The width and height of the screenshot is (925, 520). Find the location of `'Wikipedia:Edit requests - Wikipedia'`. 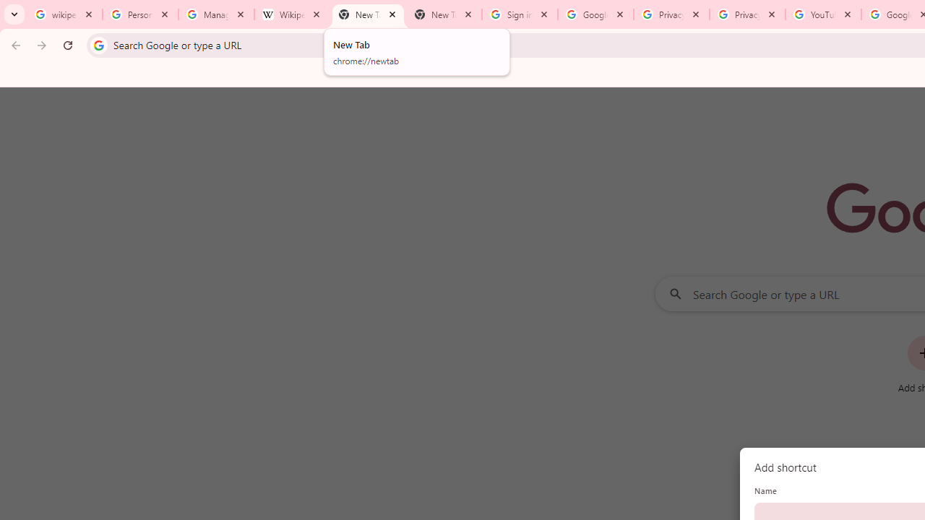

'Wikipedia:Edit requests - Wikipedia' is located at coordinates (291, 14).